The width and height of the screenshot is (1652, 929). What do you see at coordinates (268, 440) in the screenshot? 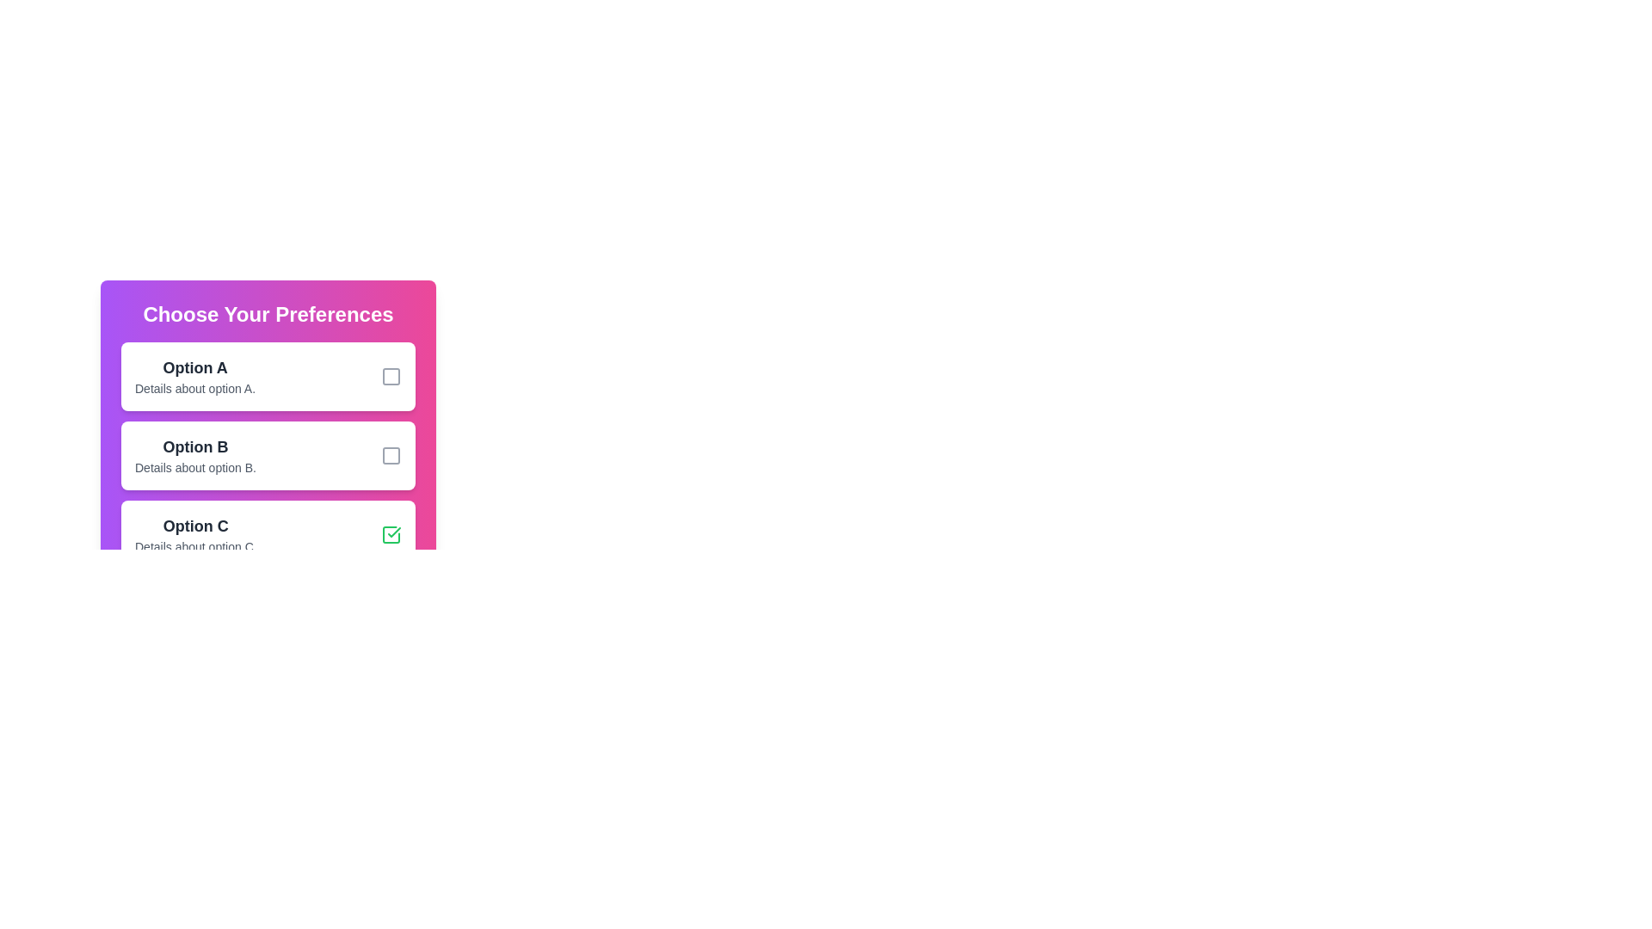
I see `the checkboxes in the preference selection panel titled 'Choose Your Preferences'` at bounding box center [268, 440].